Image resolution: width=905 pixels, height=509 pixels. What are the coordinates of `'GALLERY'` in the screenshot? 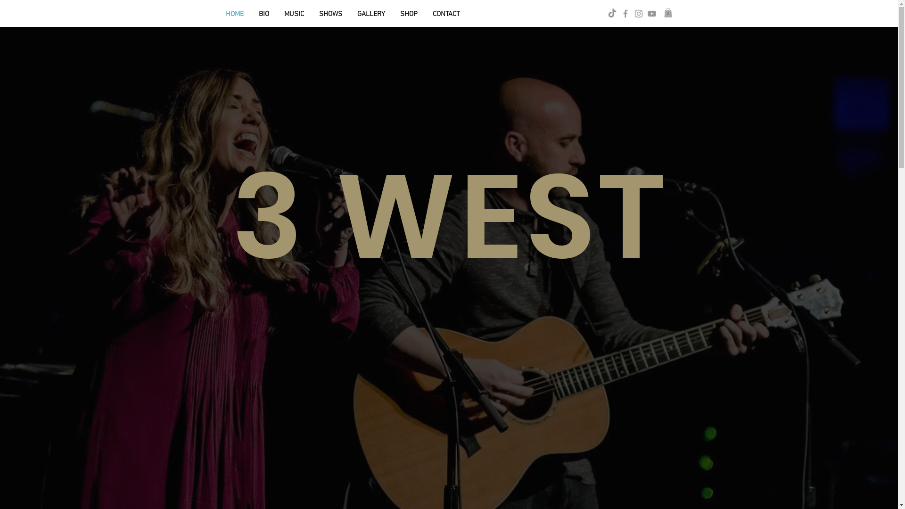 It's located at (370, 14).